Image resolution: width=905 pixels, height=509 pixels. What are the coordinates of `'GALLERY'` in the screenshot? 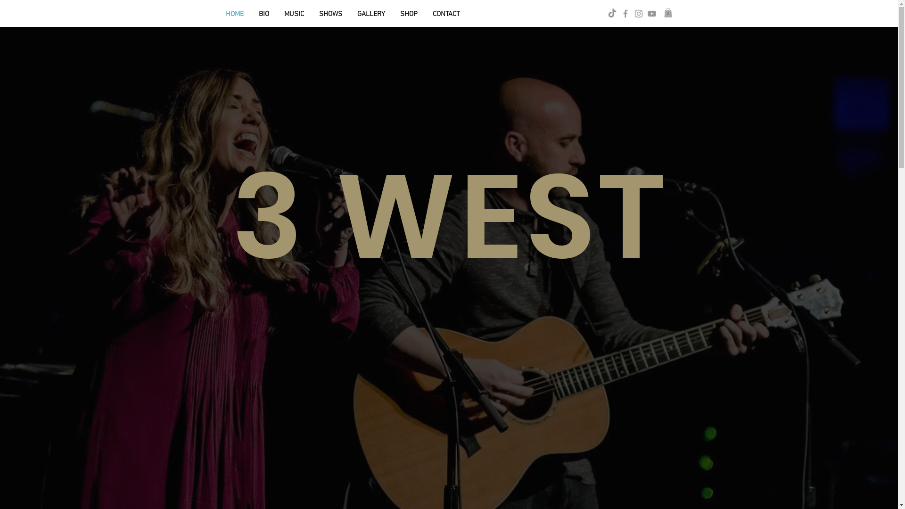 It's located at (370, 14).